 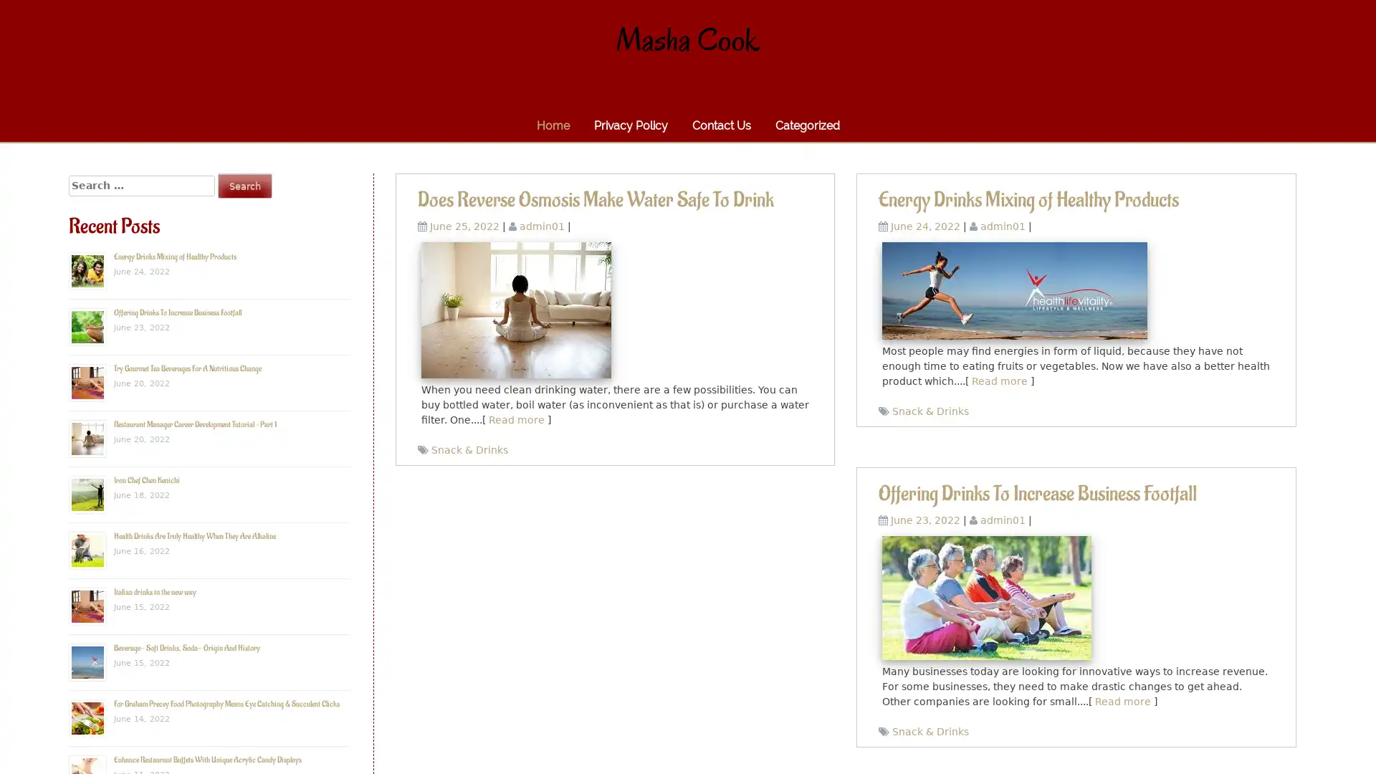 I want to click on Search, so click(x=244, y=185).